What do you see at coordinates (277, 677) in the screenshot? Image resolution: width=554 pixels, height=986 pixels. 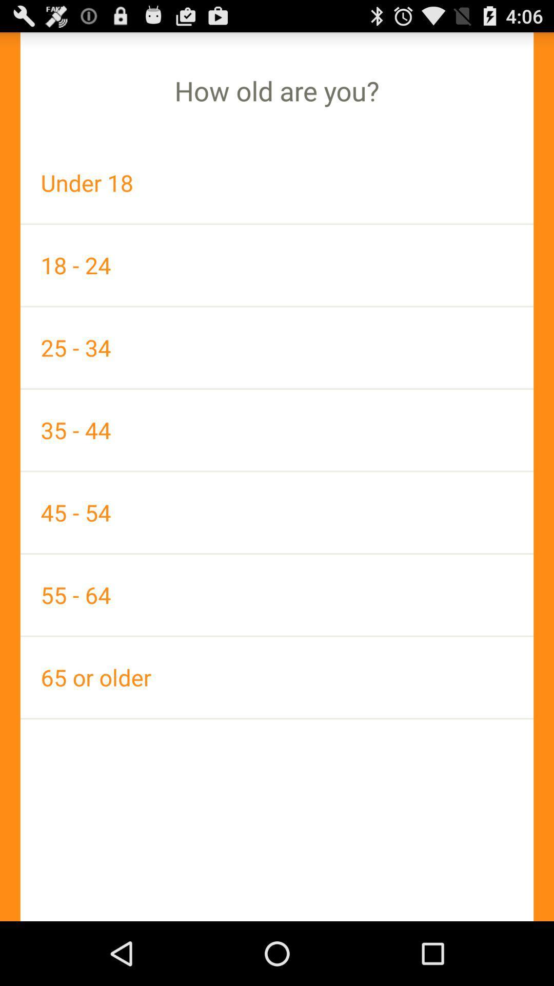 I see `65 or older icon` at bounding box center [277, 677].